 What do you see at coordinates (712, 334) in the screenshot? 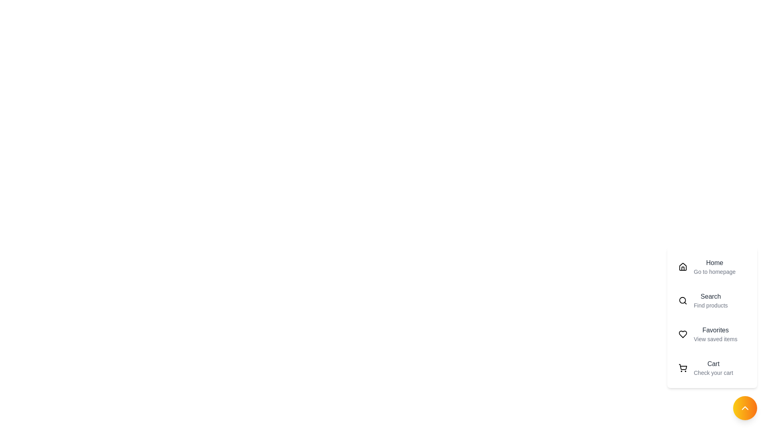
I see `the menu item labeled Favorites to preview its details` at bounding box center [712, 334].